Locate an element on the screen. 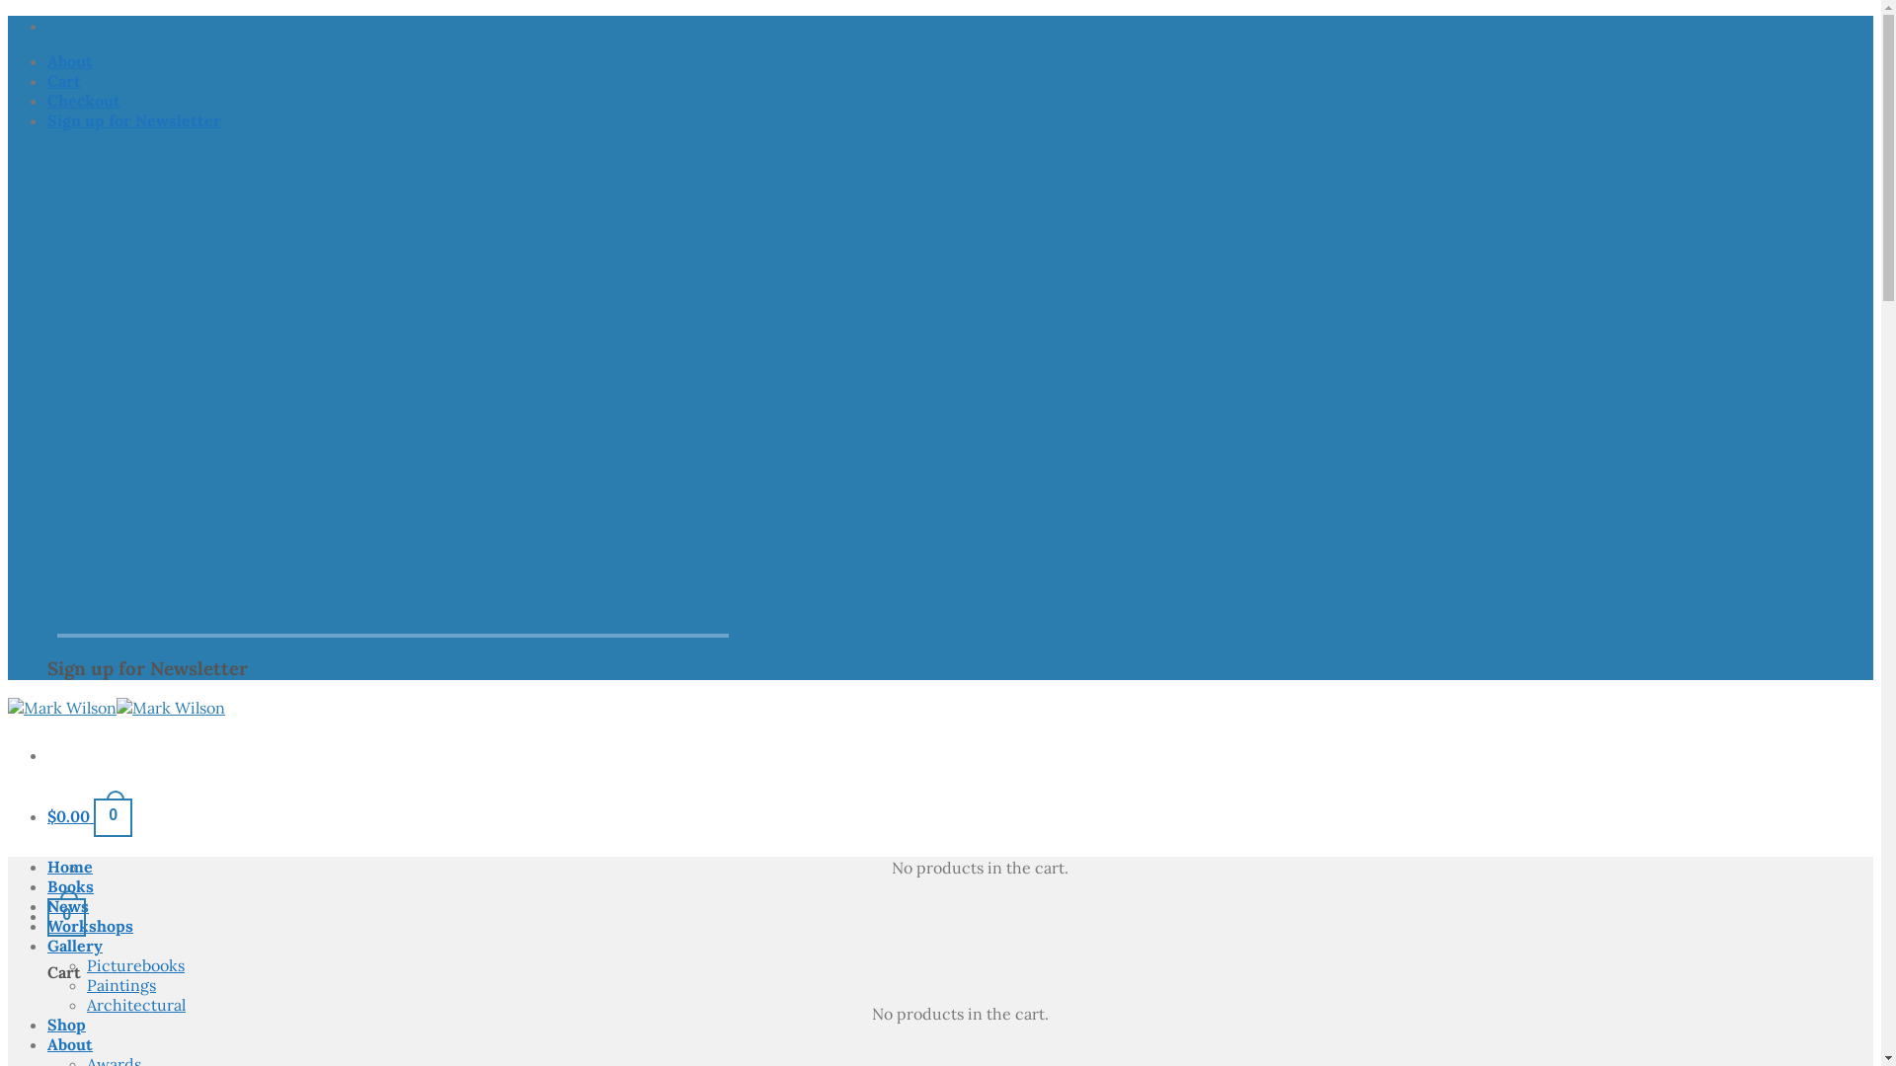 Image resolution: width=1896 pixels, height=1066 pixels. 'Sign up for Newsletter' is located at coordinates (47, 120).